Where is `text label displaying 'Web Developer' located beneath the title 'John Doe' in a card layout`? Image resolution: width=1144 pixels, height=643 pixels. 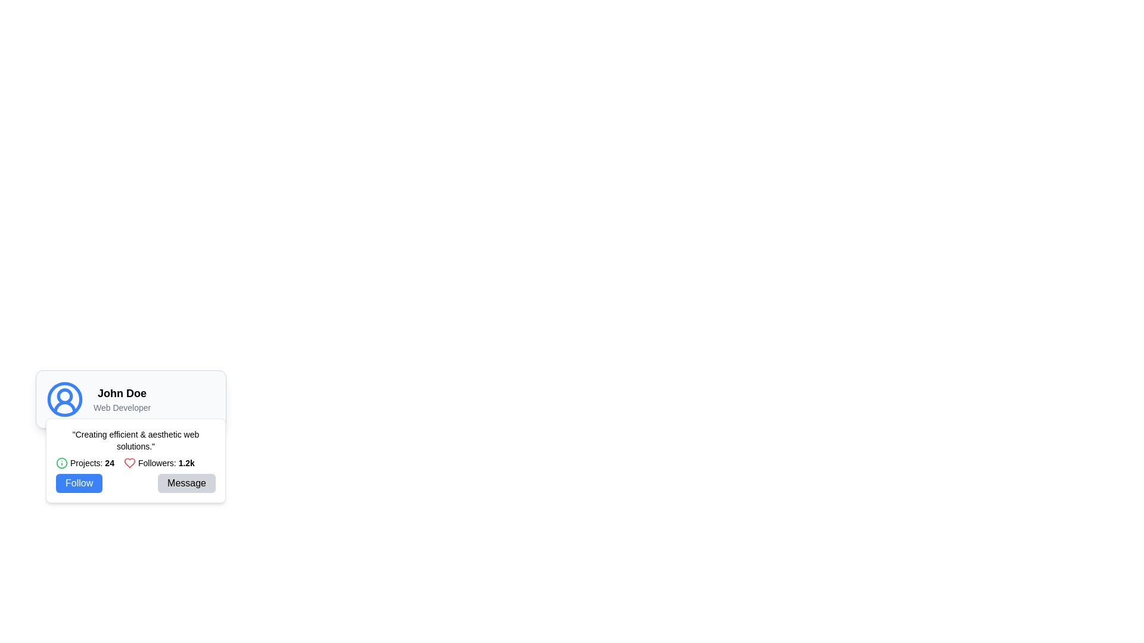
text label displaying 'Web Developer' located beneath the title 'John Doe' in a card layout is located at coordinates (122, 407).